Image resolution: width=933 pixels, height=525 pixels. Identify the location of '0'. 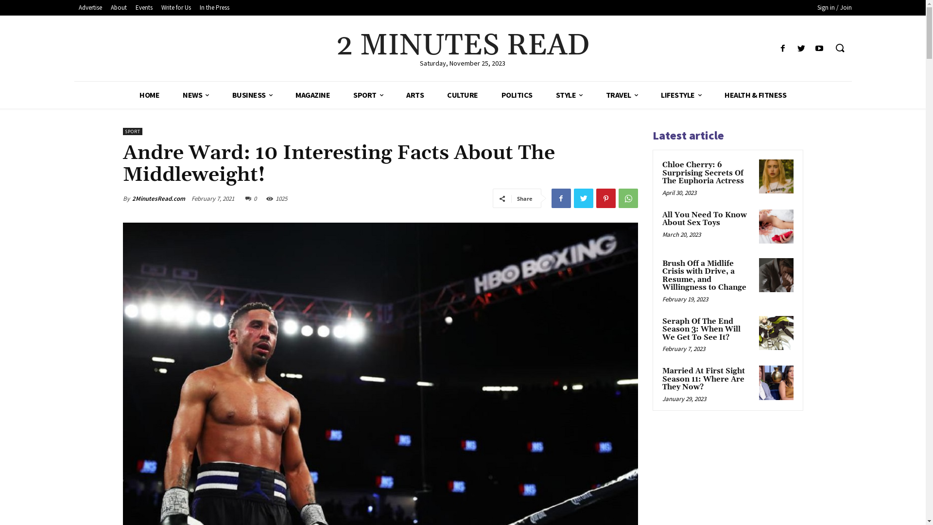
(251, 197).